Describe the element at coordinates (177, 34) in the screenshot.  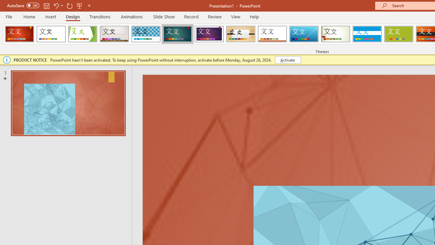
I see `'Ion'` at that location.